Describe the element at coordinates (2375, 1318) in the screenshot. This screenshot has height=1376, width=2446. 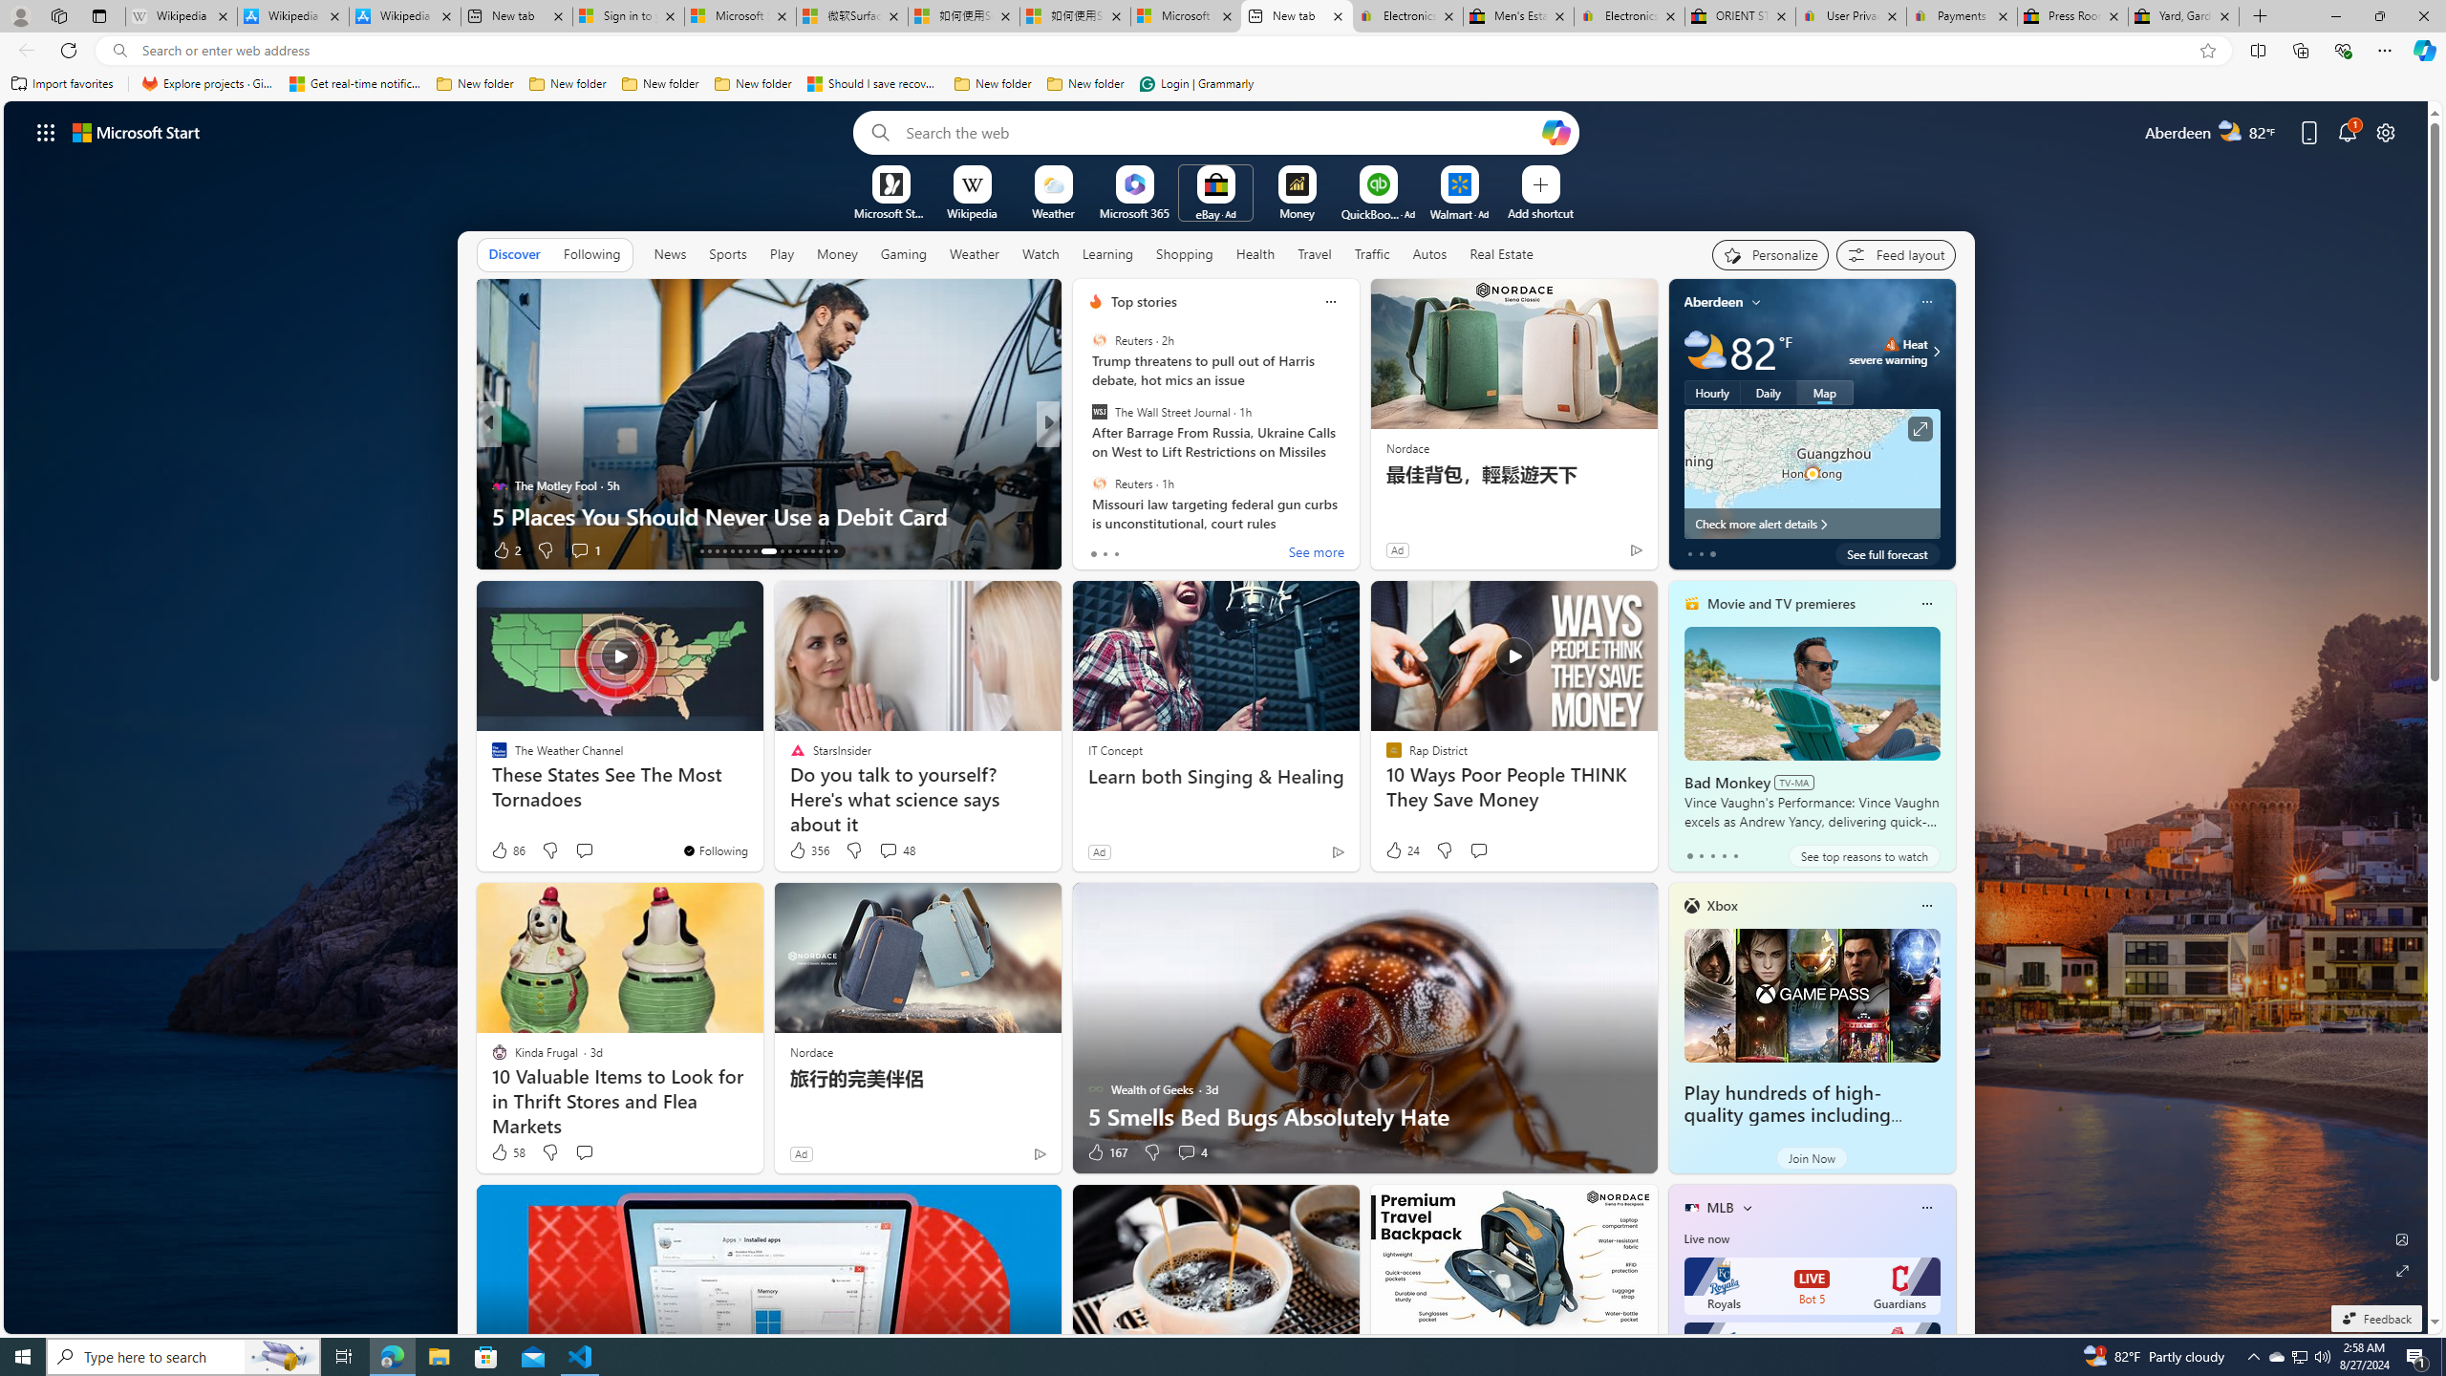
I see `'Feedback'` at that location.